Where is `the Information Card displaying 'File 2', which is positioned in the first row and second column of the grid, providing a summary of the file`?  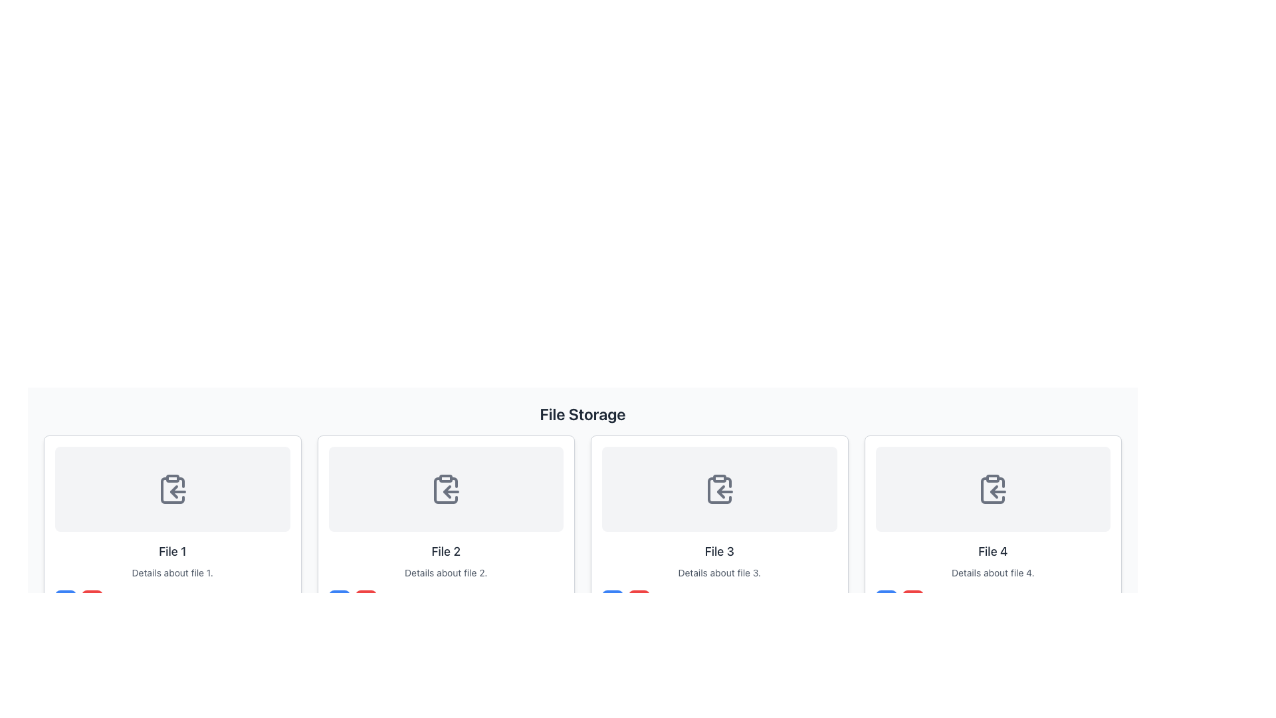
the Information Card displaying 'File 2', which is positioned in the first row and second column of the grid, providing a summary of the file is located at coordinates (446, 528).